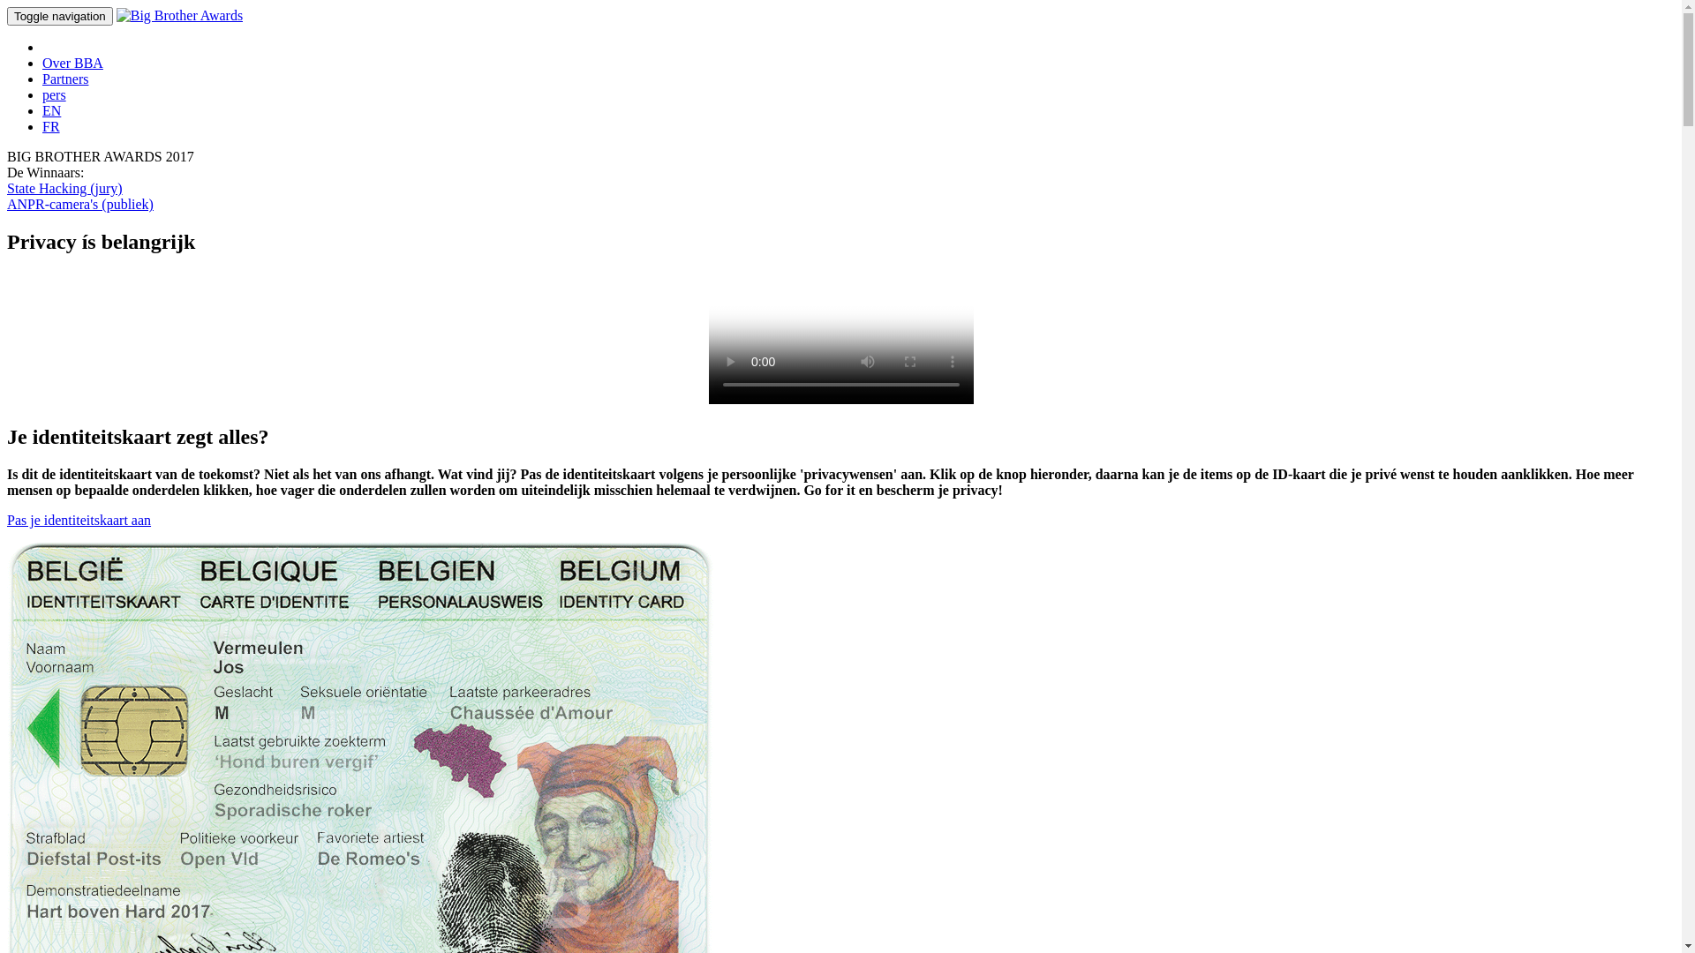  Describe the element at coordinates (64, 78) in the screenshot. I see `'Partners'` at that location.